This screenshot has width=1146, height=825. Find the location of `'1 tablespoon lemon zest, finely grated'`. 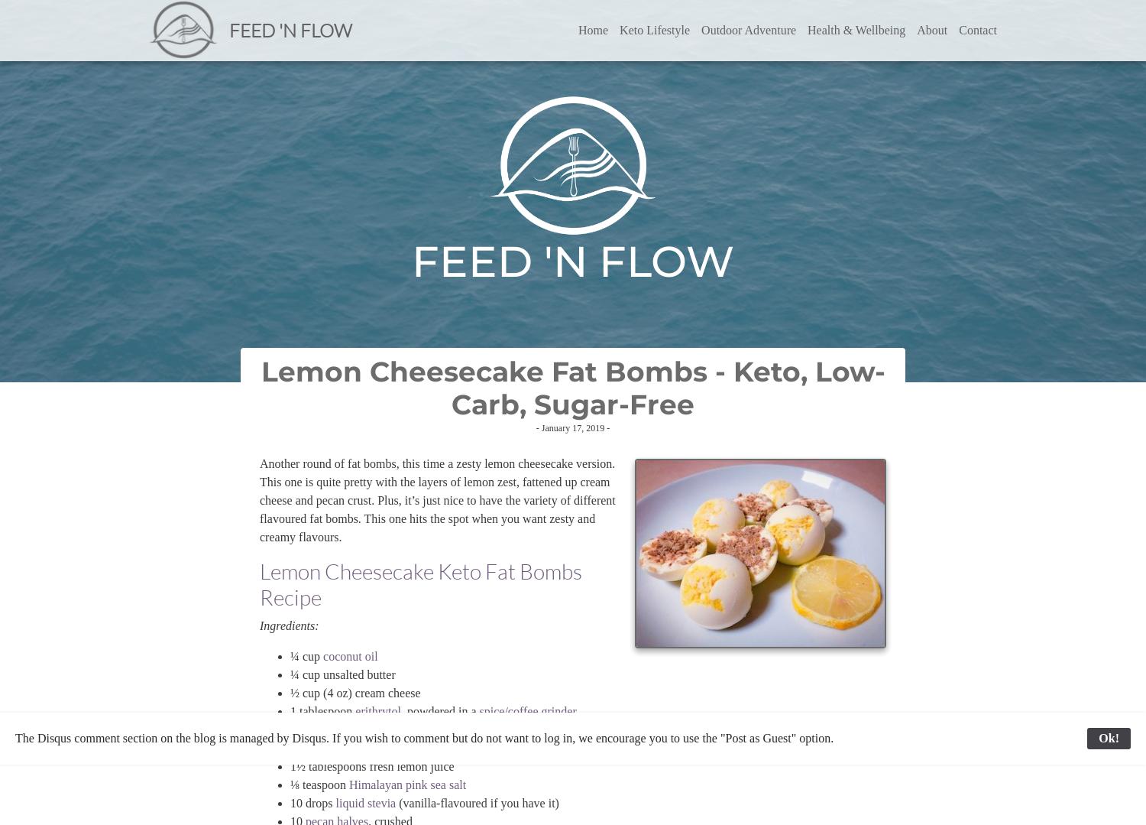

'1 tablespoon lemon zest, finely grated' is located at coordinates (383, 729).